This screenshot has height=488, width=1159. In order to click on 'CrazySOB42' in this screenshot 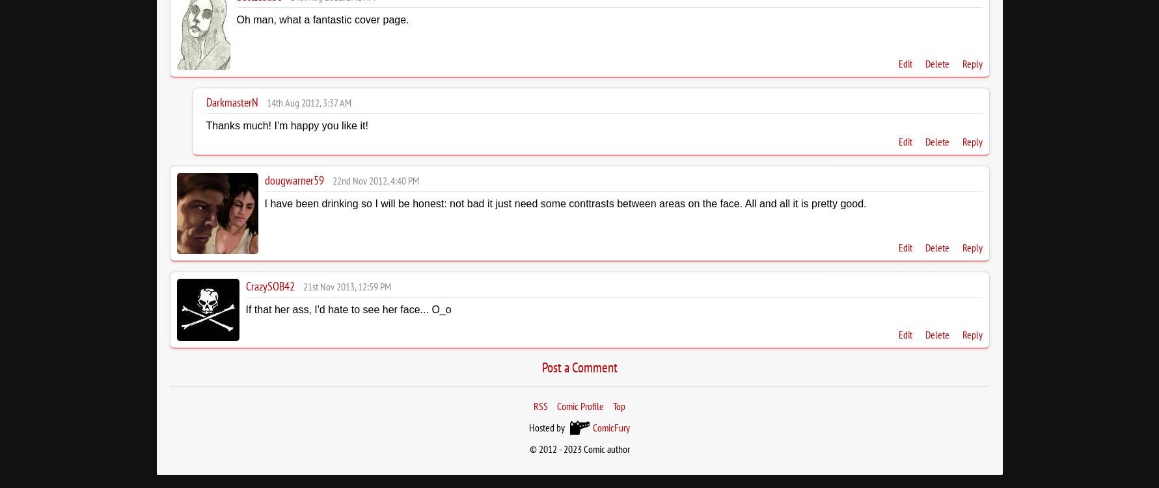, I will do `click(245, 285)`.